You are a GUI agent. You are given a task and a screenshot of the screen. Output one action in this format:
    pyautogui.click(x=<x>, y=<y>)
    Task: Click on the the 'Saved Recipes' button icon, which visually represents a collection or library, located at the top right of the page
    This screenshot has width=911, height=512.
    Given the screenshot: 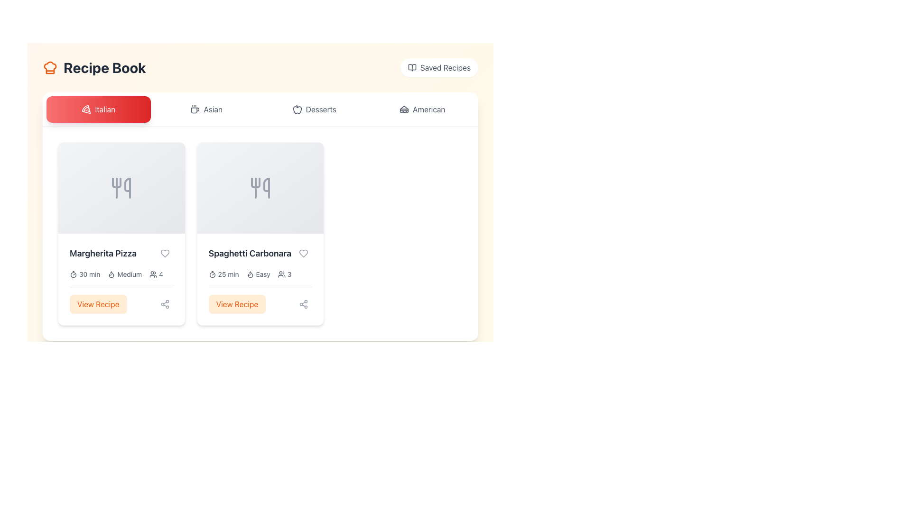 What is the action you would take?
    pyautogui.click(x=412, y=67)
    